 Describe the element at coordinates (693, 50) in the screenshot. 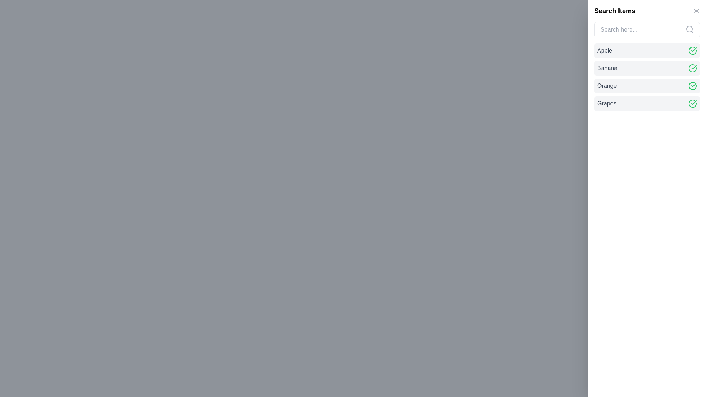

I see `the check mark icon indicating the 'completed' status for the 'Apple' item in the 'Search Items' list on the right sidebar` at that location.